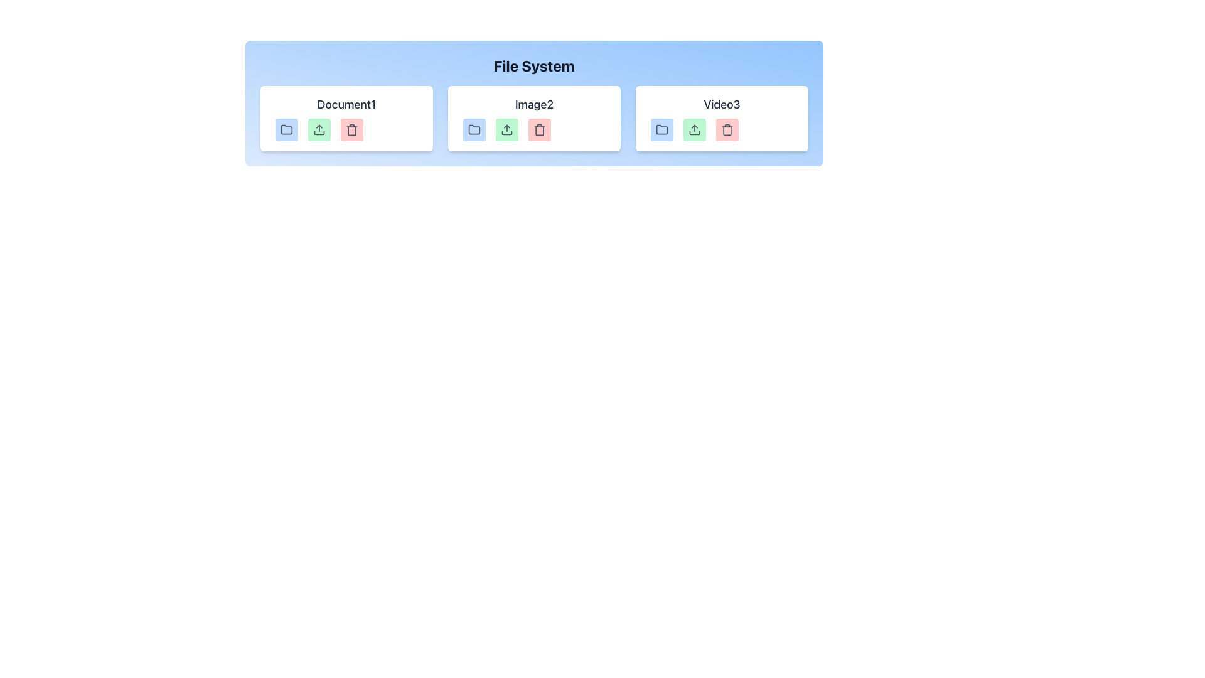  What do you see at coordinates (286, 130) in the screenshot?
I see `the first icon in the row located below the text 'Document1'` at bounding box center [286, 130].